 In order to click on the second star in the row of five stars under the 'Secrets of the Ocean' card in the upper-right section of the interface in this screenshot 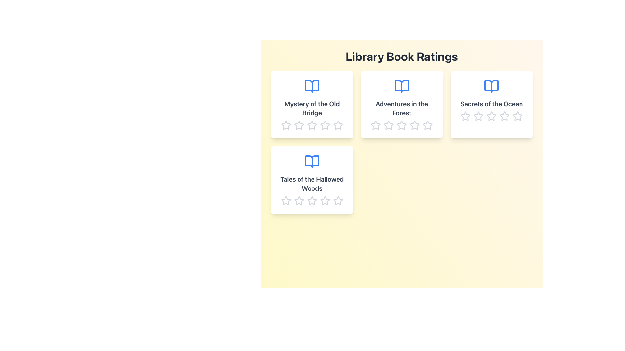, I will do `click(479, 116)`.